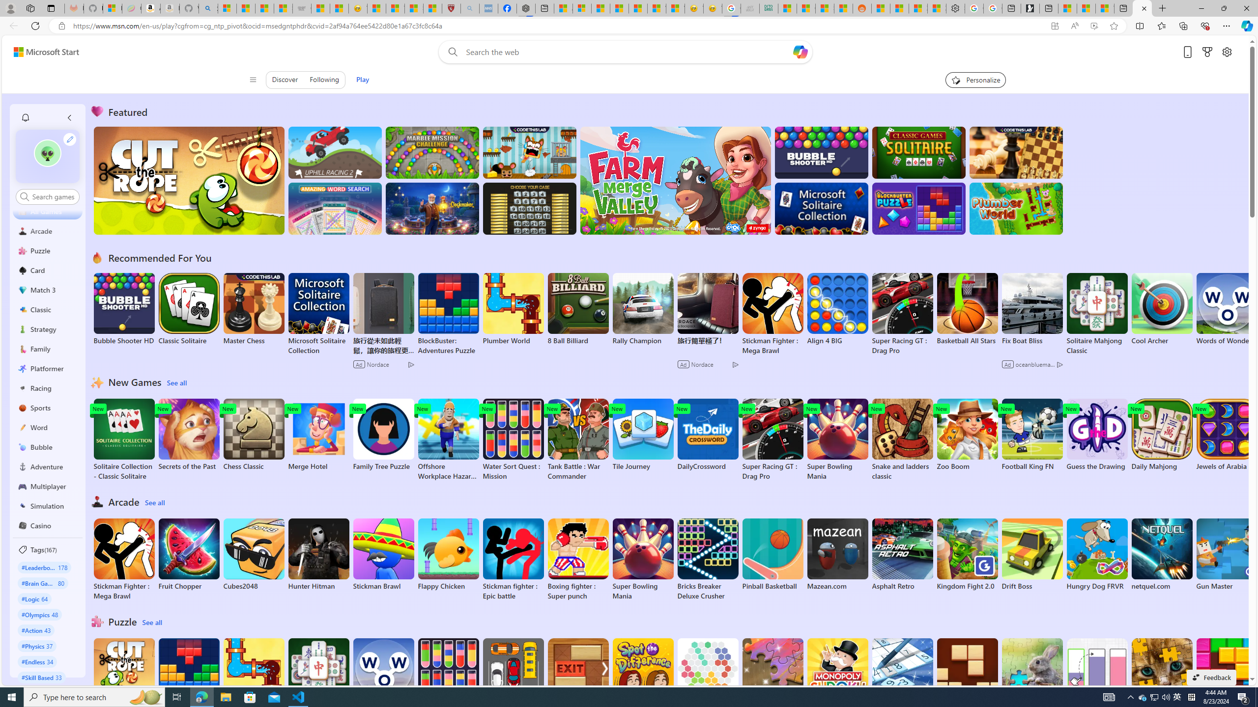  I want to click on 'AutomationID: control', so click(53, 197).